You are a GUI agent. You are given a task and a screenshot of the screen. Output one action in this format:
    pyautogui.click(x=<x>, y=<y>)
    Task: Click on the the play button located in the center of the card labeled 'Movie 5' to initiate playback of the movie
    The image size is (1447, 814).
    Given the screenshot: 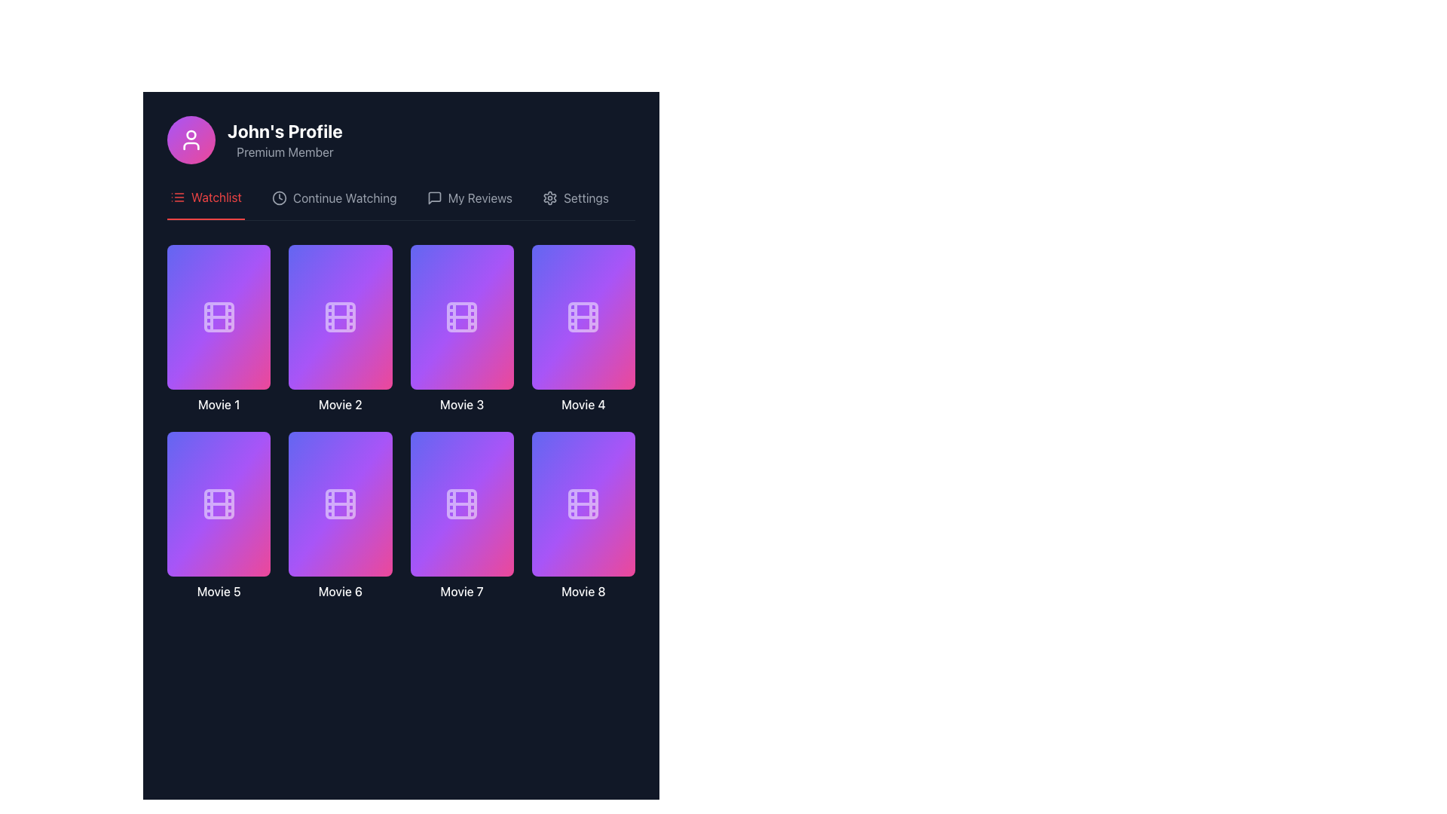 What is the action you would take?
    pyautogui.click(x=218, y=497)
    